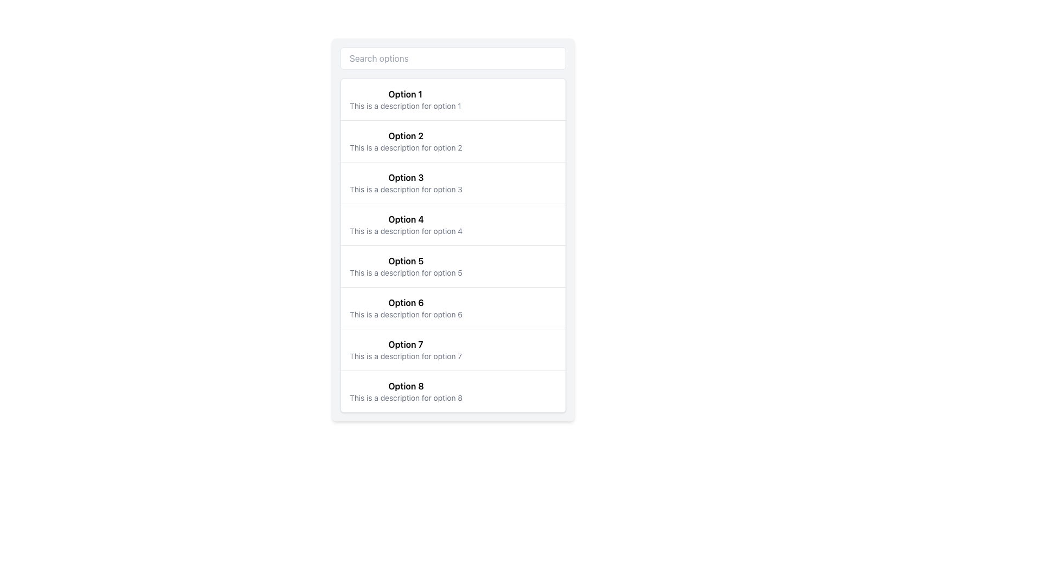  Describe the element at coordinates (406, 231) in the screenshot. I see `the text element that says 'This is a description for option 4', which is styled in gray and located beneath the label 'Option 4'` at that location.